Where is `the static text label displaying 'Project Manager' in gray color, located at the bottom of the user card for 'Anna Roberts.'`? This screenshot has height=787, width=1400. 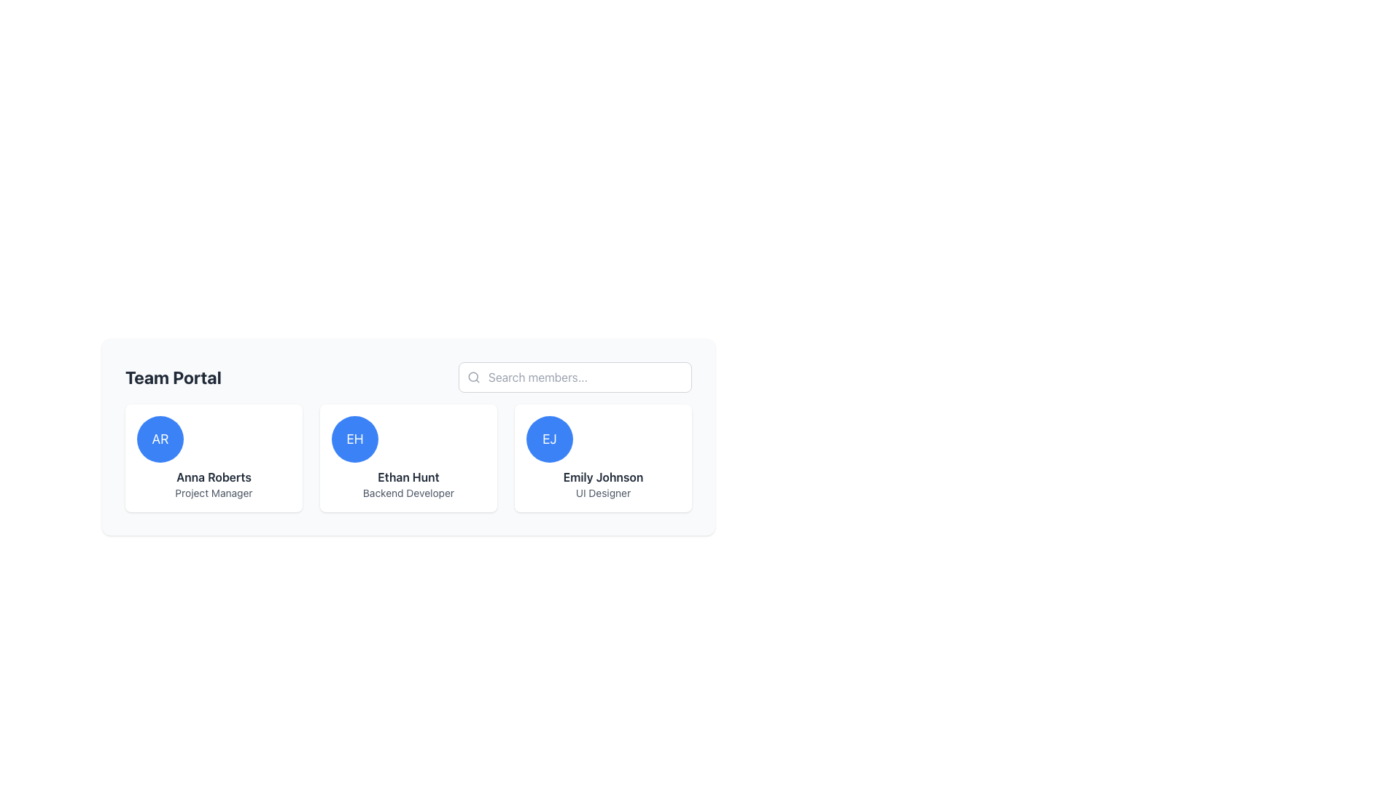
the static text label displaying 'Project Manager' in gray color, located at the bottom of the user card for 'Anna Roberts.' is located at coordinates (213, 493).